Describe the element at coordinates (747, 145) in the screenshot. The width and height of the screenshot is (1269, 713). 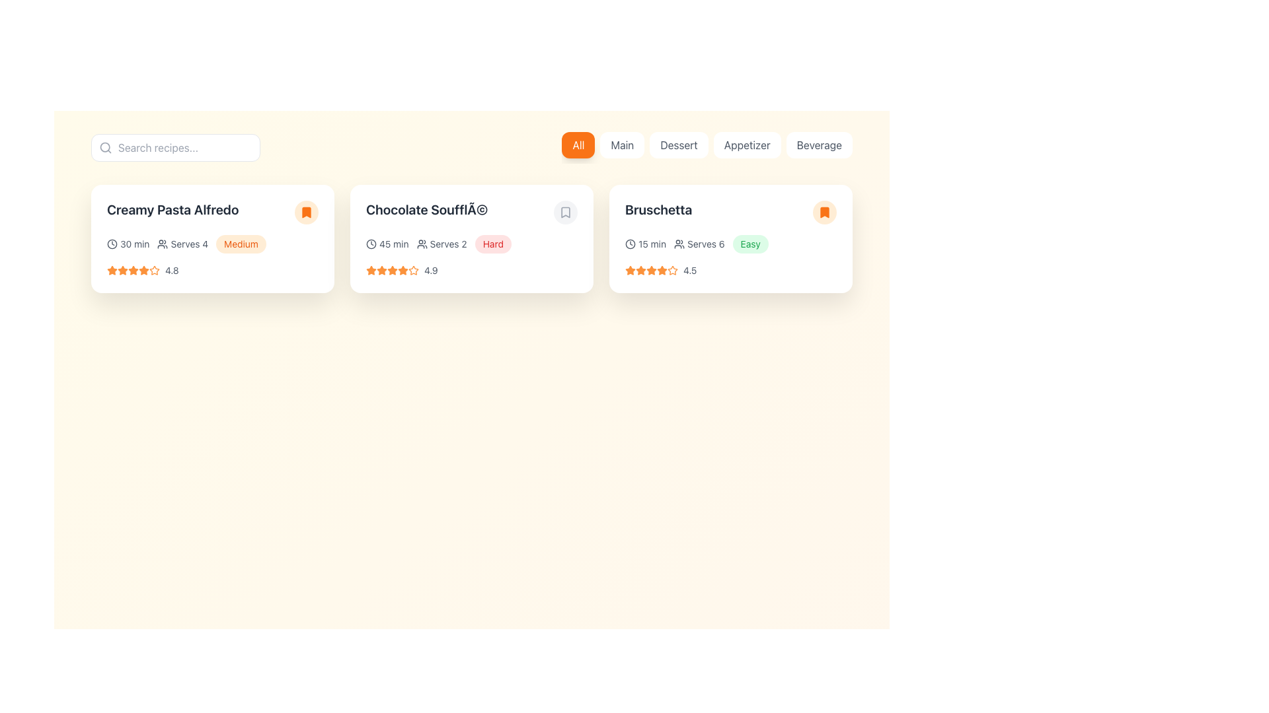
I see `the 'Appetizer' category filter button, which is the fourth button in a horizontal menu of five options, to change its background color` at that location.